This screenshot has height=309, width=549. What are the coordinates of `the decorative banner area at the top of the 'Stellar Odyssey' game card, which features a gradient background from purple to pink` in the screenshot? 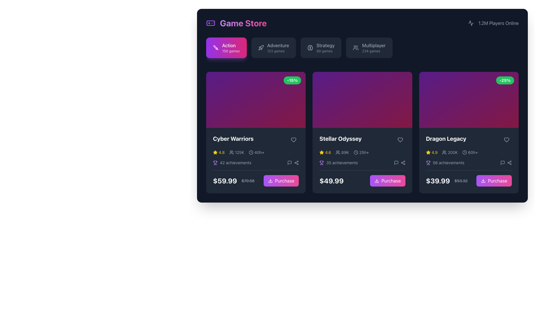 It's located at (362, 99).